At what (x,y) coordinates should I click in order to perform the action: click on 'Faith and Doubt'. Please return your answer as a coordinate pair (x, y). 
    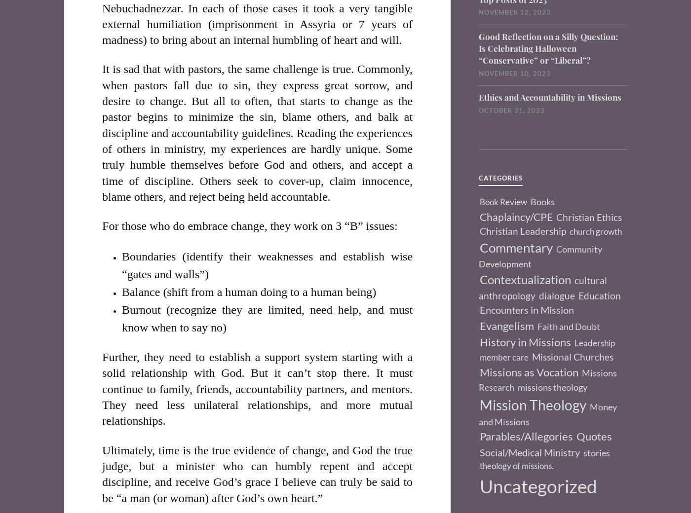
    Looking at the image, I should click on (569, 326).